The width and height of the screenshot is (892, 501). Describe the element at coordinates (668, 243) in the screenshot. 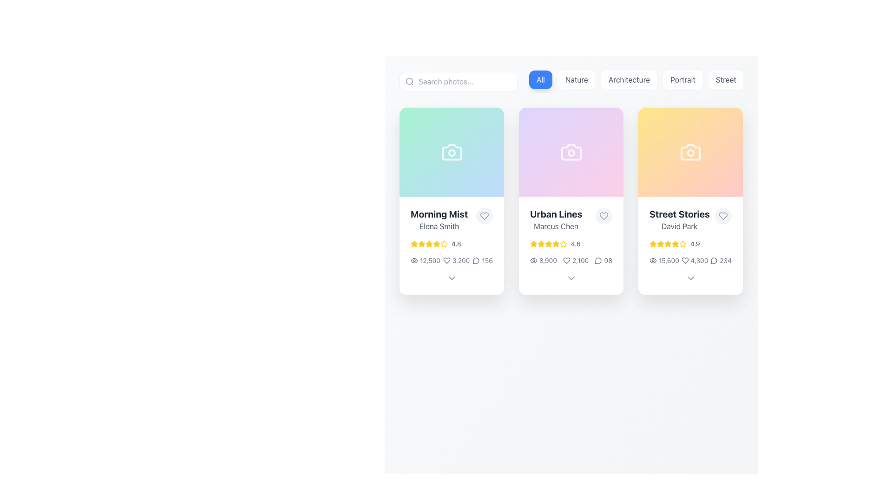

I see `the fourth star in the rating section below the 'Street Stories' card by moving the cursor to its center point` at that location.